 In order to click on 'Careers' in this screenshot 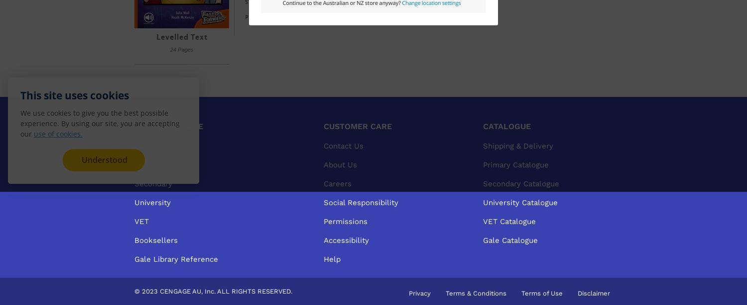, I will do `click(338, 183)`.